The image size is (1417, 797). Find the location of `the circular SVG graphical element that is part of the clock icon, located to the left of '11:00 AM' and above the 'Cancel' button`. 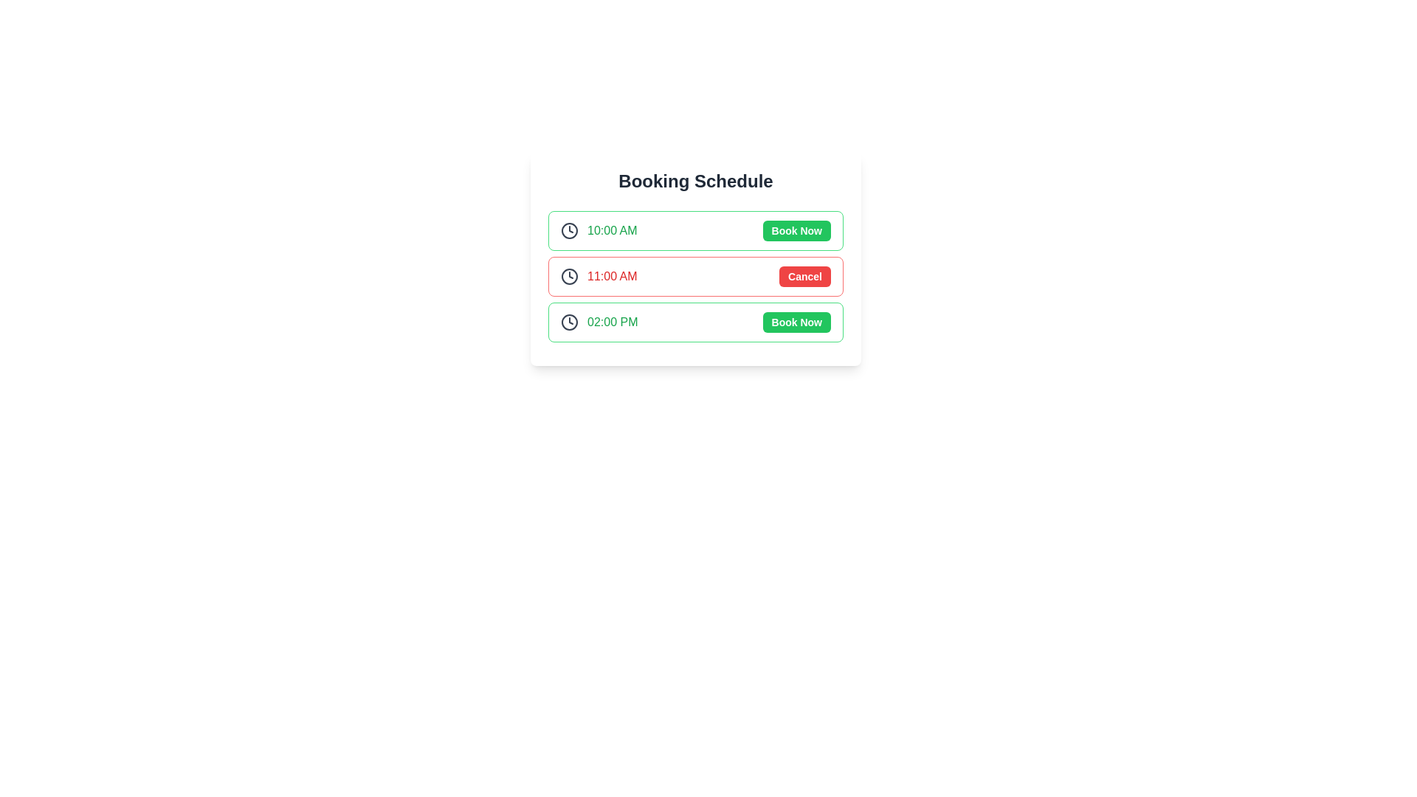

the circular SVG graphical element that is part of the clock icon, located to the left of '11:00 AM' and above the 'Cancel' button is located at coordinates (569, 276).